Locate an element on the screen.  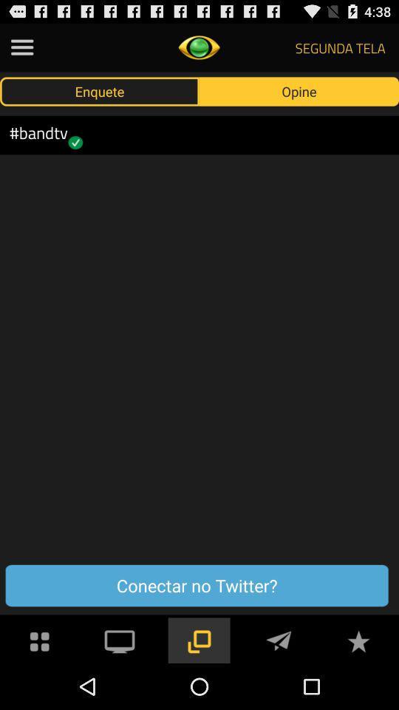
favorites is located at coordinates (358, 639).